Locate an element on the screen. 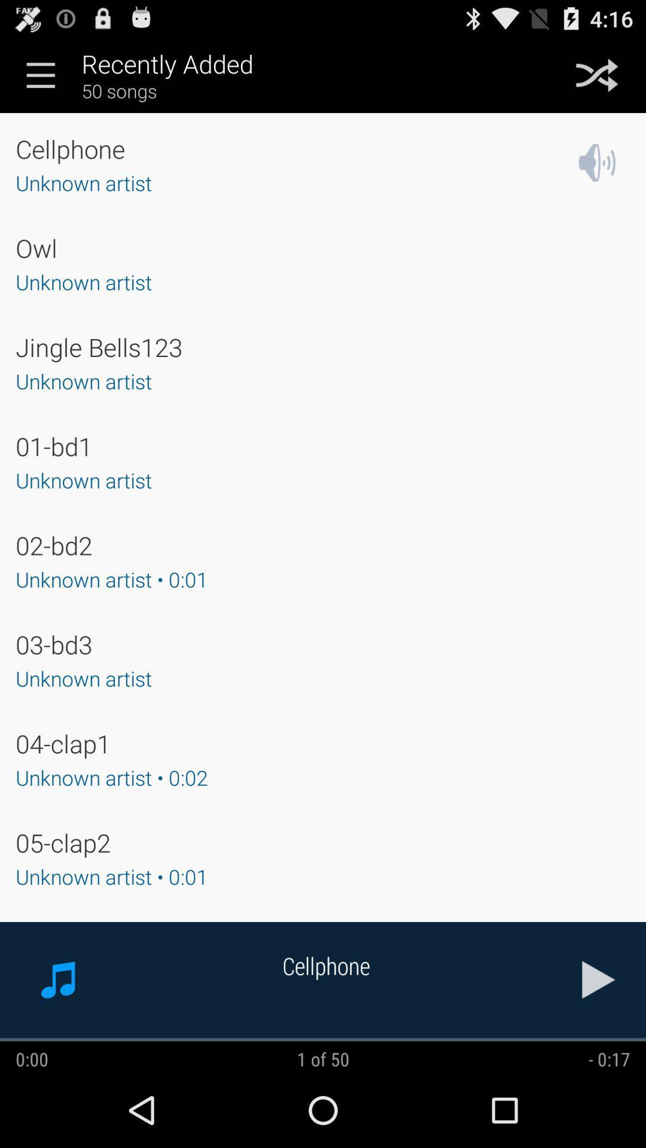  item next to recently added is located at coordinates (40, 74).